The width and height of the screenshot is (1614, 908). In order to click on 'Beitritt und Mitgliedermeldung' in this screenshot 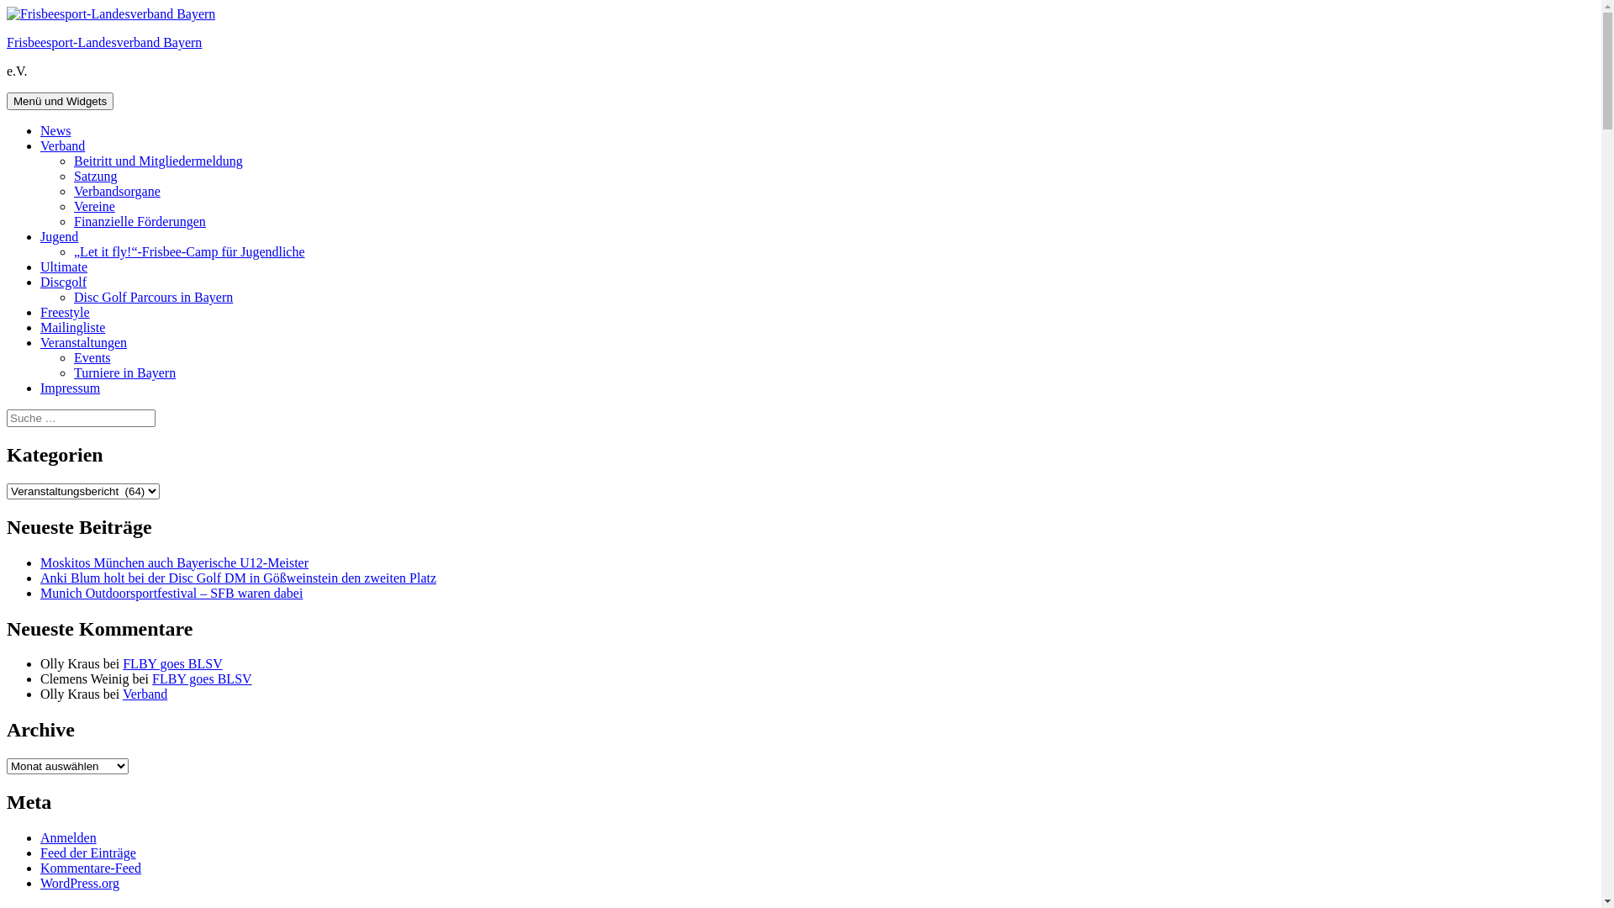, I will do `click(158, 161)`.